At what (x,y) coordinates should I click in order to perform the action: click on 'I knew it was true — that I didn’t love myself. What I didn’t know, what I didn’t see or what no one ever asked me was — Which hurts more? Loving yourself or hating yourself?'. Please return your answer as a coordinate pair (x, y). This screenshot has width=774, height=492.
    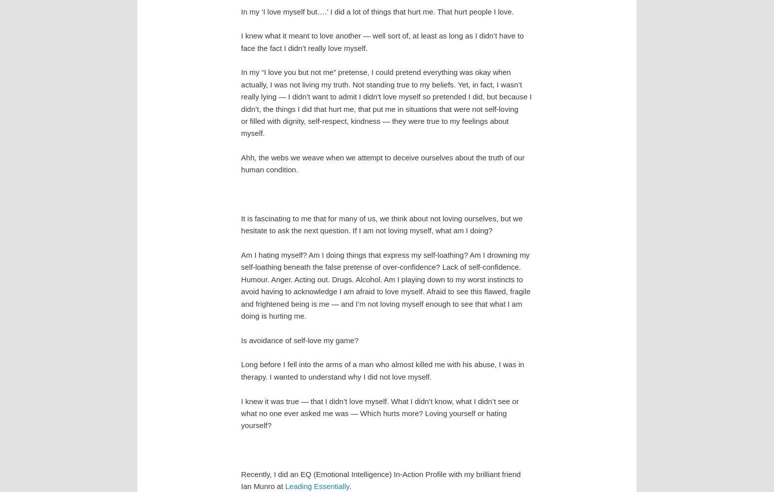
    Looking at the image, I should click on (379, 413).